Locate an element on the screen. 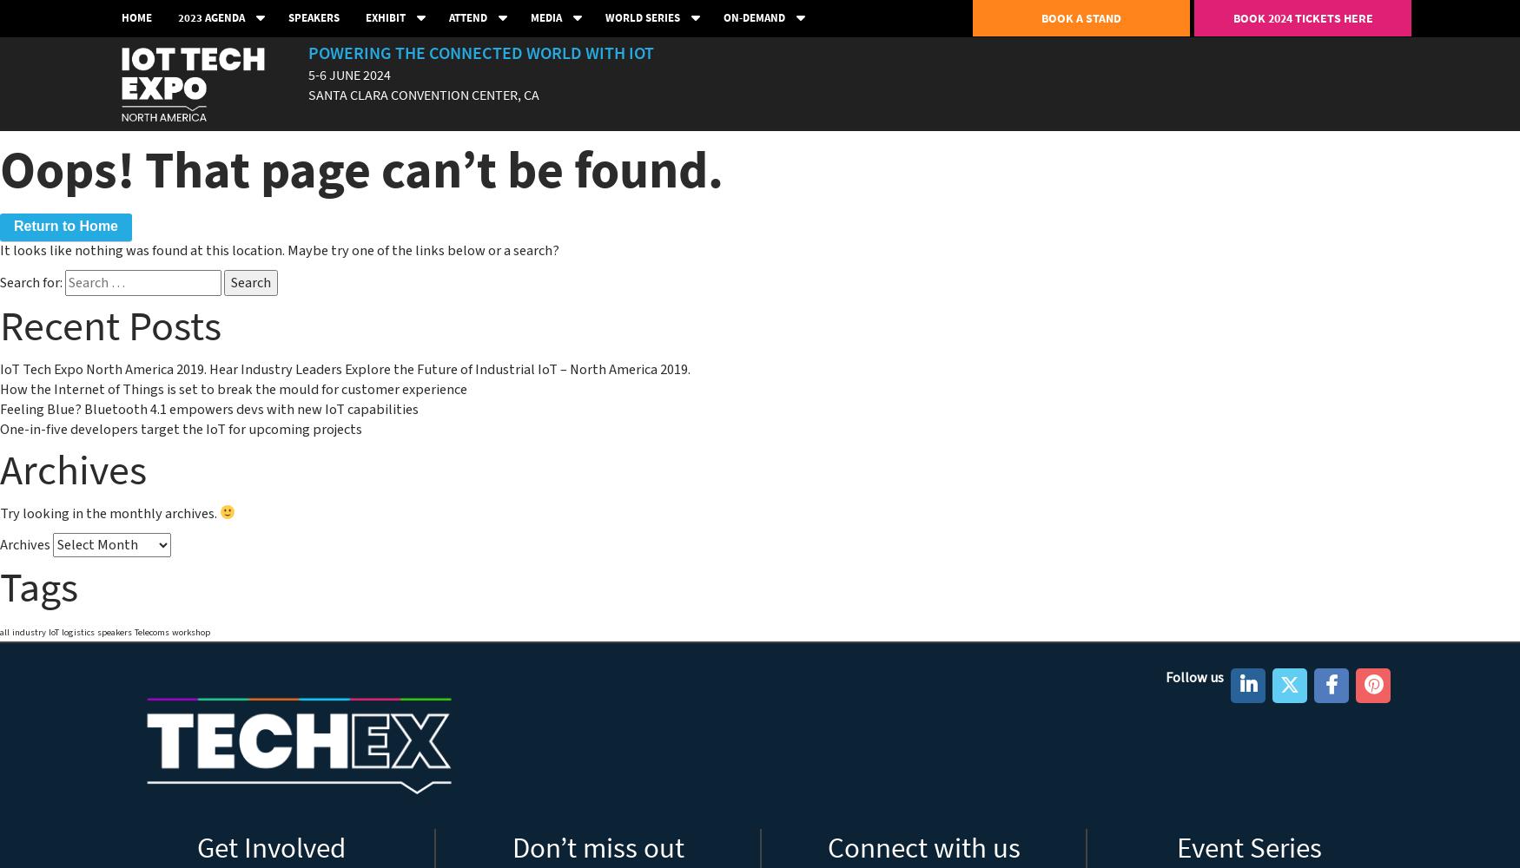  'speakers' is located at coordinates (113, 630).